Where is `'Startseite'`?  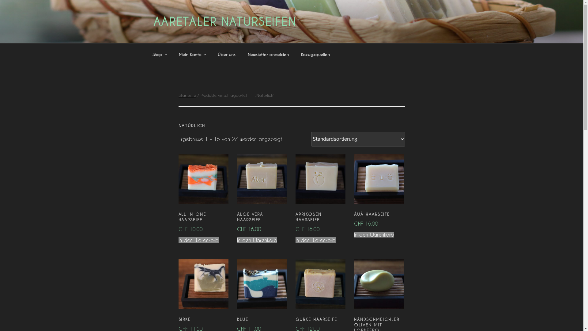
'Startseite' is located at coordinates (187, 95).